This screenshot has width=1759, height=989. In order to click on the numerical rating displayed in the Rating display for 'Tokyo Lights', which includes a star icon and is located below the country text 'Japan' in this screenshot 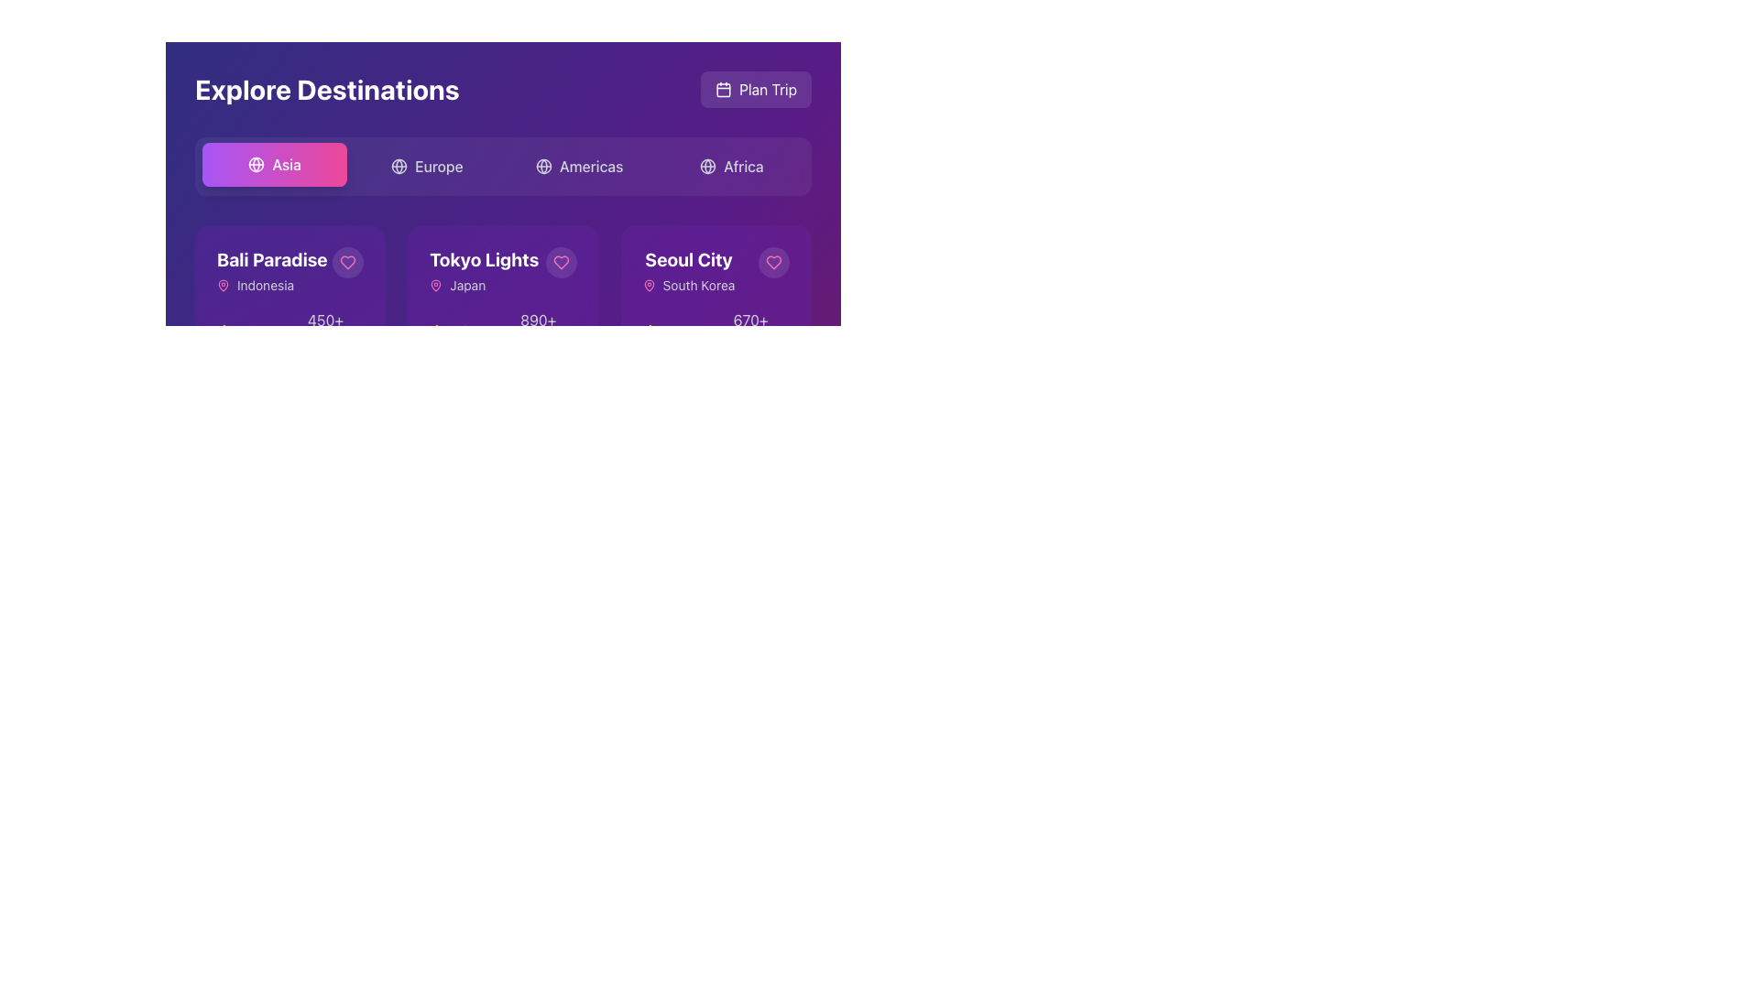, I will do `click(450, 331)`.